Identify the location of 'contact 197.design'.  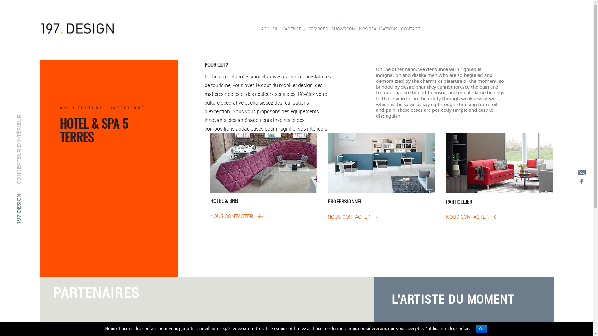
(581, 173).